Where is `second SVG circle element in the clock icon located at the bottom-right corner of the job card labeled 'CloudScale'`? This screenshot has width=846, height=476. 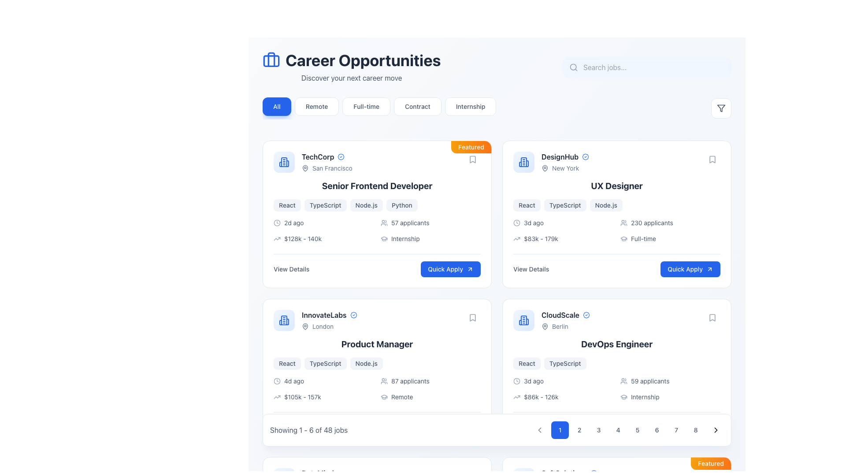 second SVG circle element in the clock icon located at the bottom-right corner of the job card labeled 'CloudScale' is located at coordinates (516, 380).